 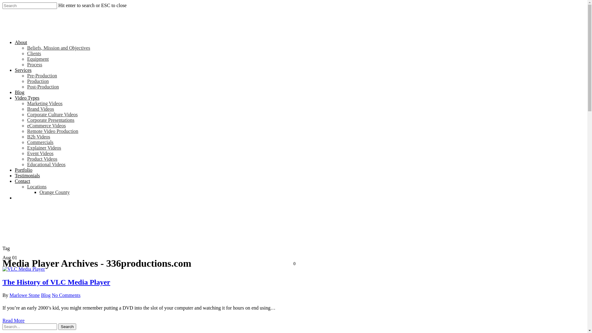 What do you see at coordinates (53, 131) in the screenshot?
I see `'Remote Video Production'` at bounding box center [53, 131].